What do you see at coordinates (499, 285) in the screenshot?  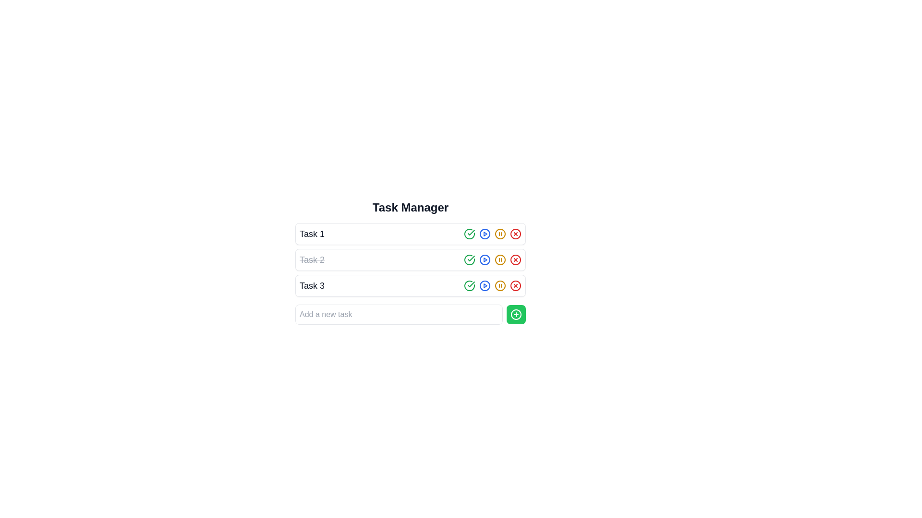 I see `the pause button located in the action buttons group of 'Task 3', specifically the third button from the left, positioned between the blue forward button and the red delete button` at bounding box center [499, 285].